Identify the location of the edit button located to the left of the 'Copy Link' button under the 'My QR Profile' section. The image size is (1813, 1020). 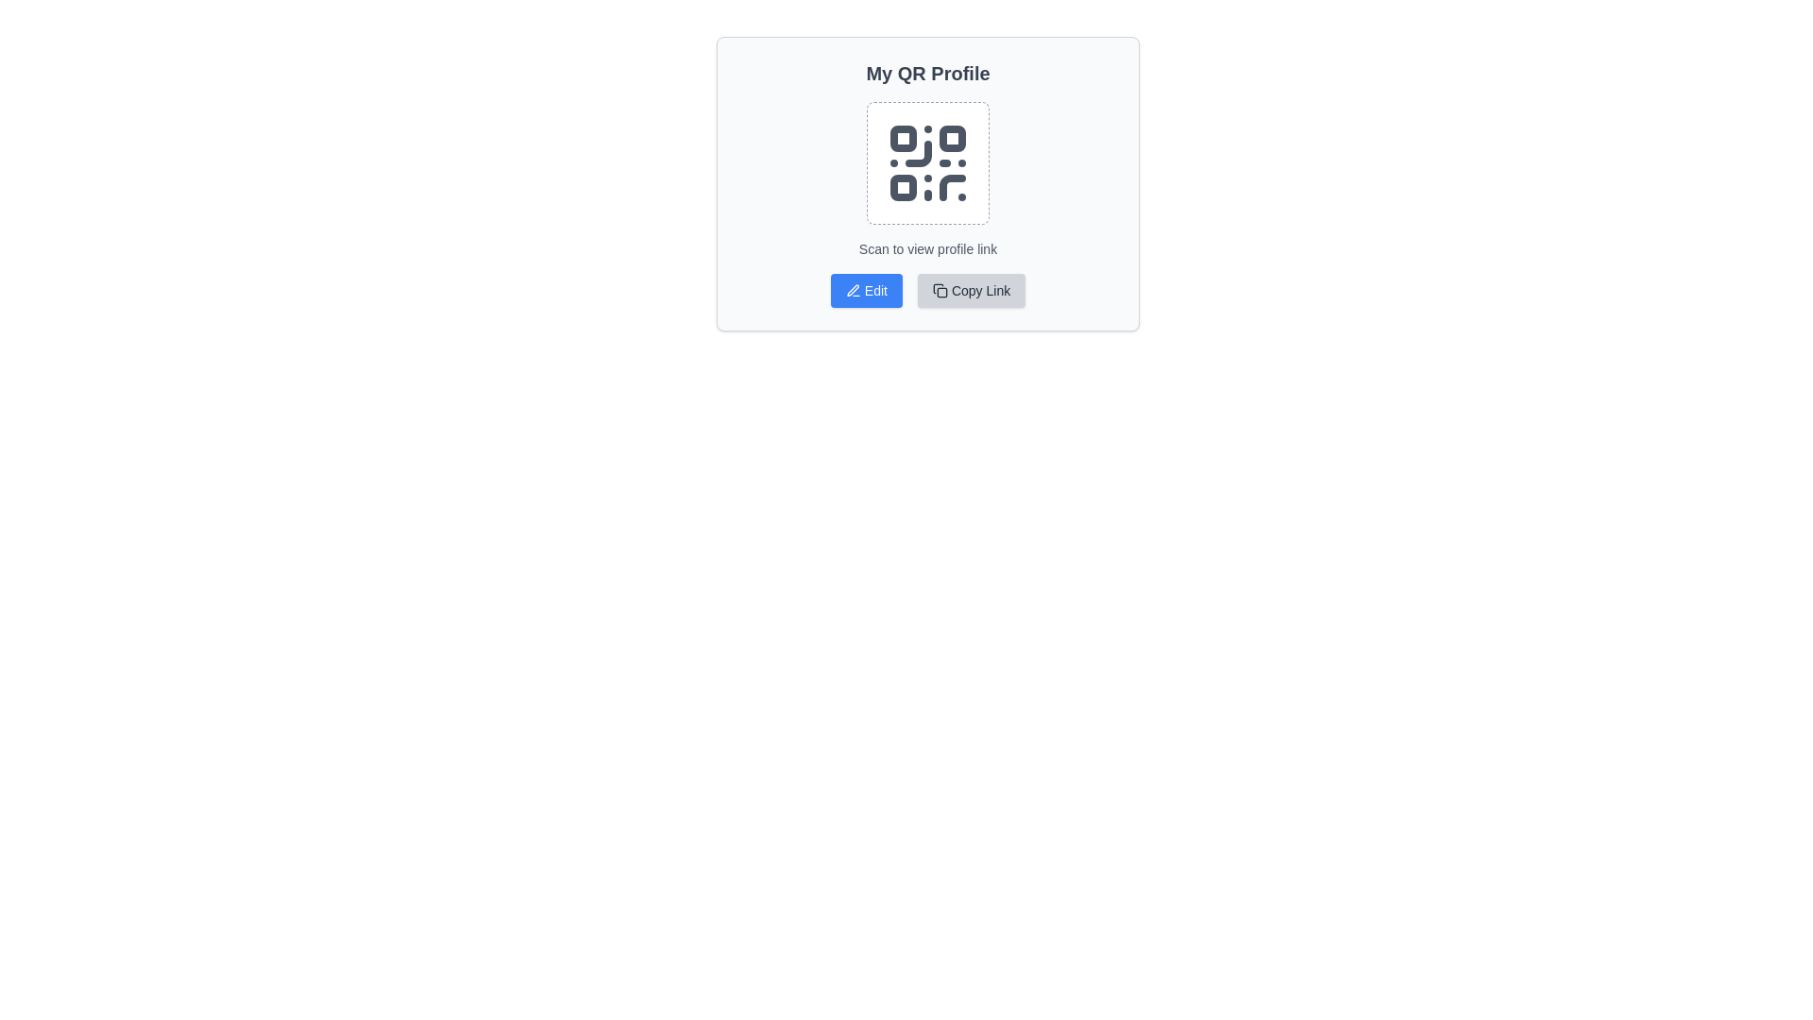
(865, 291).